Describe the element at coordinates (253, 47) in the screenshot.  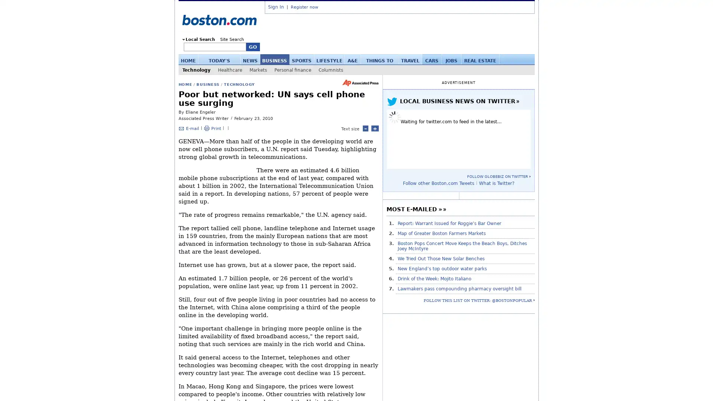
I see `GO` at that location.